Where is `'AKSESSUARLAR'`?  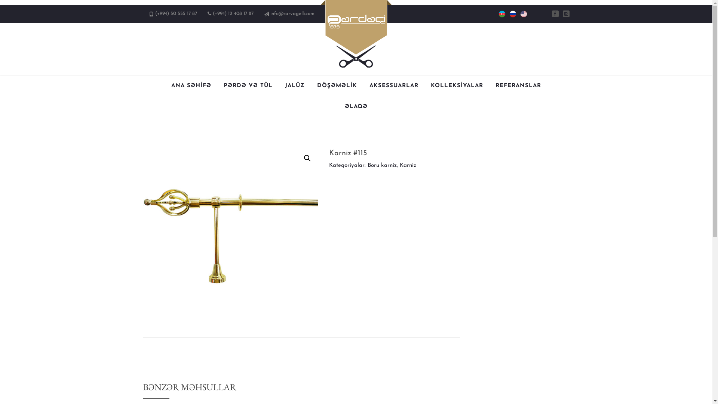
'AKSESSUARLAR' is located at coordinates (393, 86).